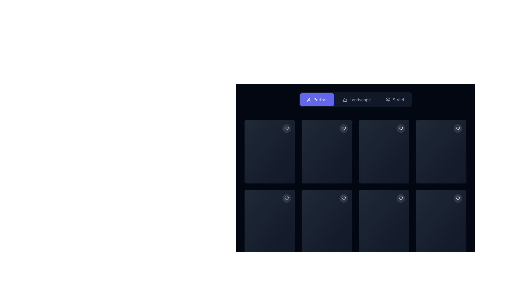  I want to click on the heart icon button, so click(344, 198).